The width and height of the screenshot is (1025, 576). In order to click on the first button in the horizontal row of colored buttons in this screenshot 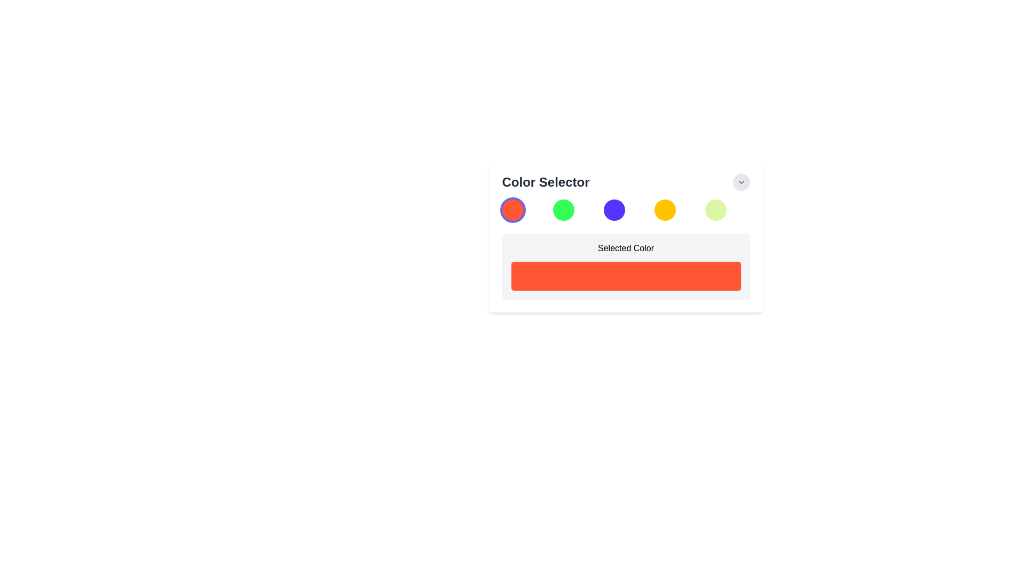, I will do `click(512, 210)`.